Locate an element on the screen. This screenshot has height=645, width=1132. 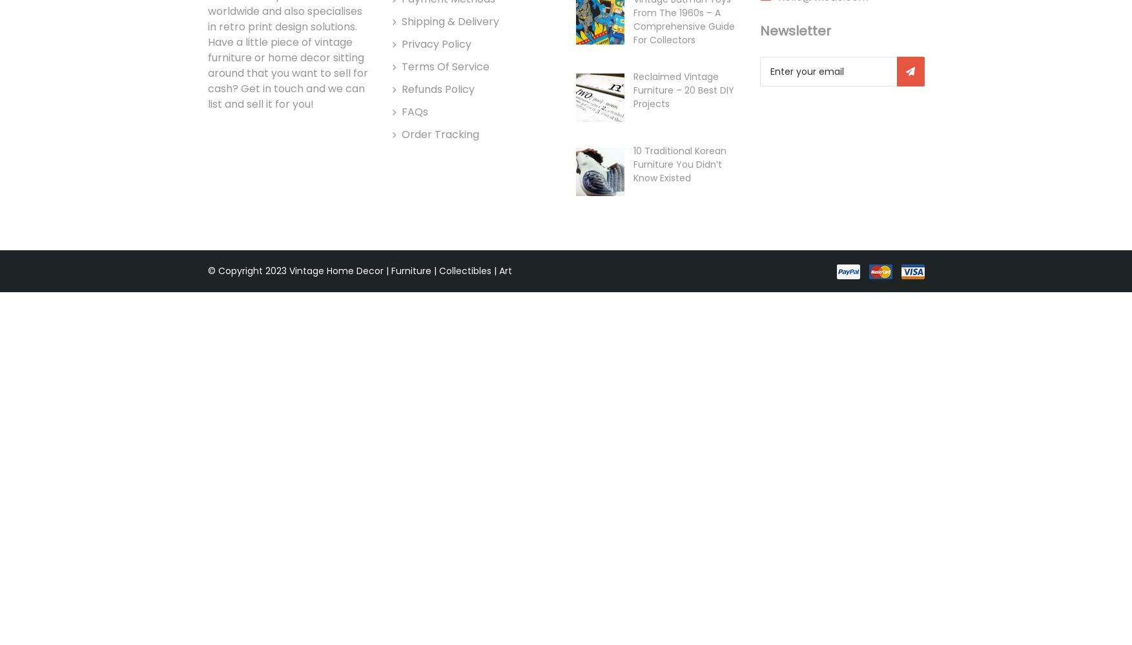
'© Copyright 2023' is located at coordinates (248, 271).